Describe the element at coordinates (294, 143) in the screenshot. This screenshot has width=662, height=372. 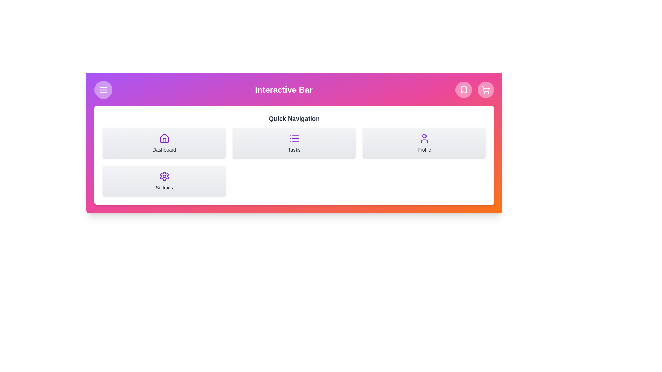
I see `the 'Tasks' navigation button` at that location.